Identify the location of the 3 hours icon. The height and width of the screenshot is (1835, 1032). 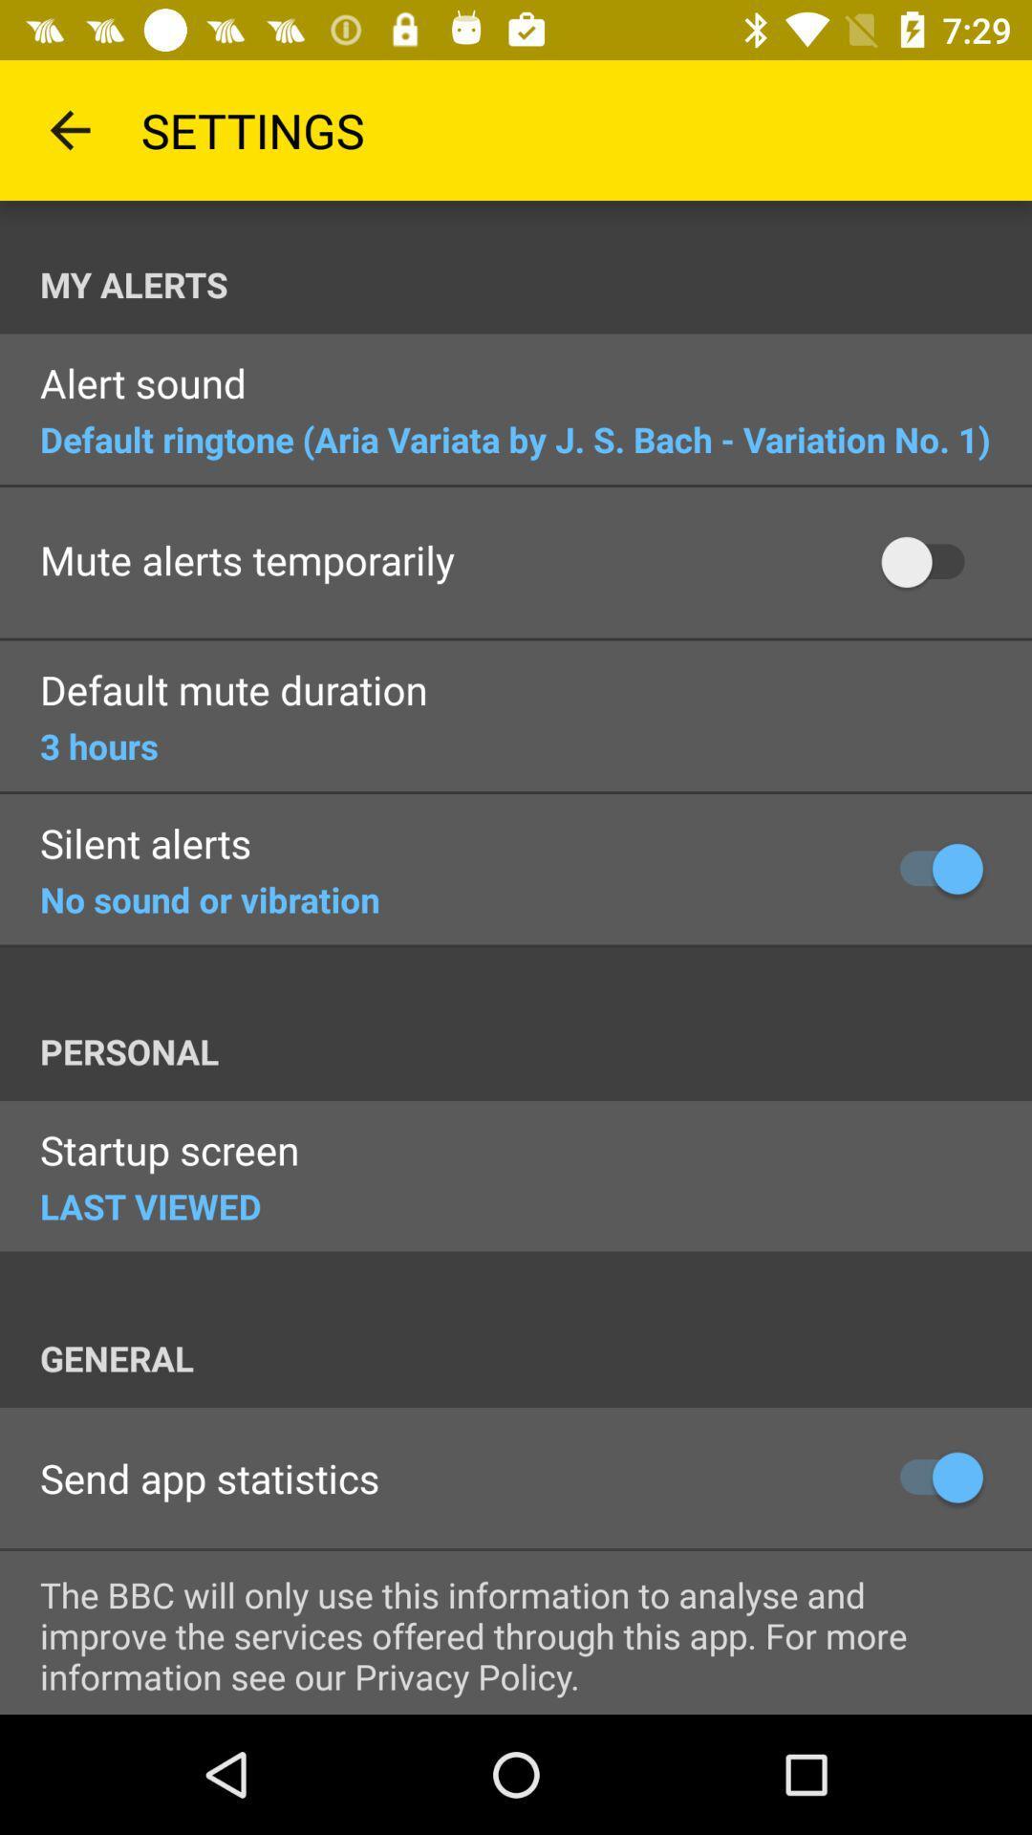
(98, 745).